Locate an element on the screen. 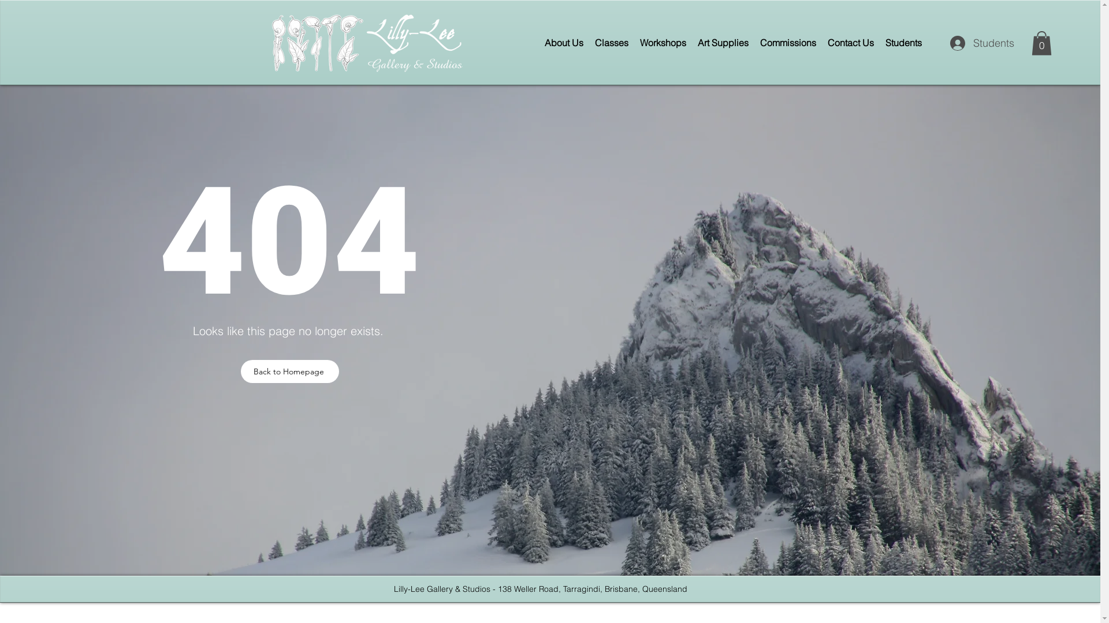 Image resolution: width=1109 pixels, height=623 pixels. 'Art Supplies' is located at coordinates (723, 42).